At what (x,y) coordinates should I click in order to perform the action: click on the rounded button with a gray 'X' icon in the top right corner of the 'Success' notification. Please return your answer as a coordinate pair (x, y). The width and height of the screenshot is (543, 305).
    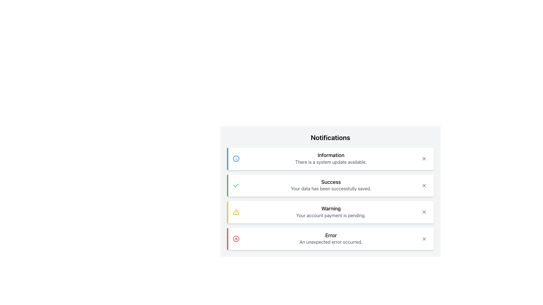
    Looking at the image, I should click on (424, 185).